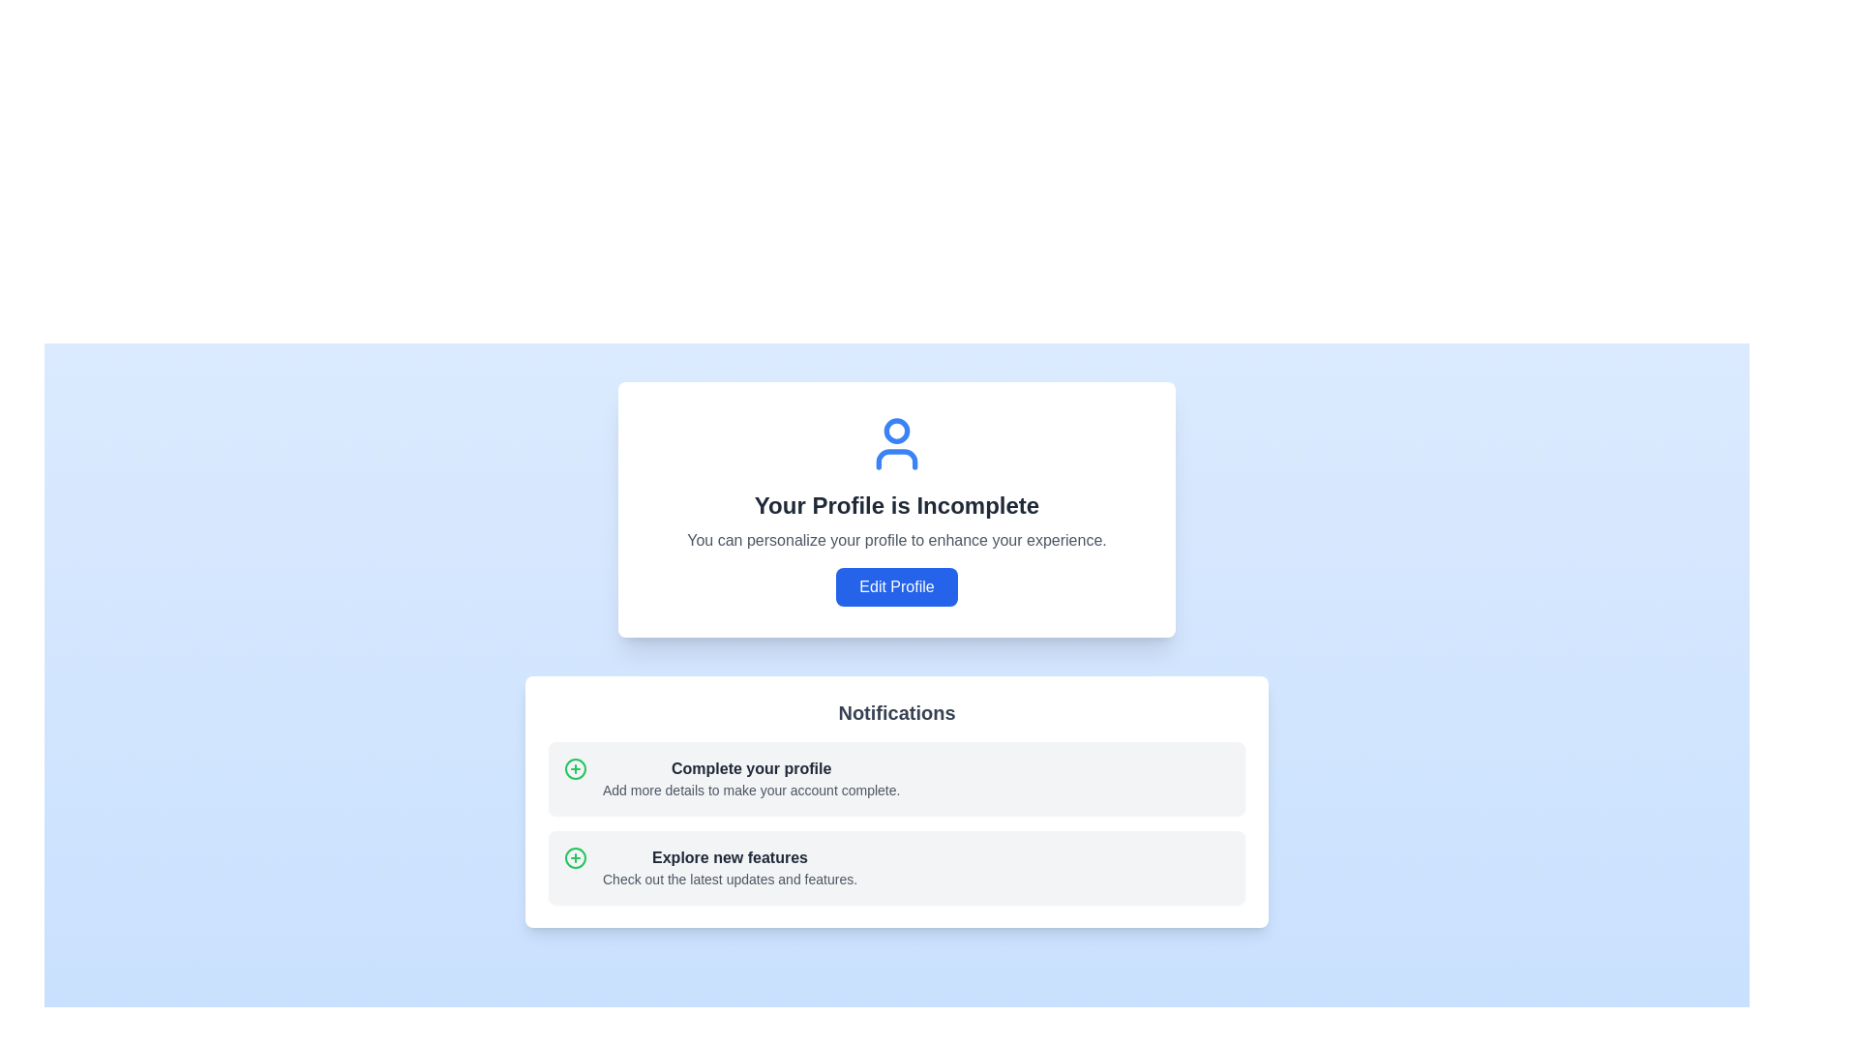 This screenshot has width=1858, height=1045. I want to click on the bold text label displaying 'Complete your profile' located in the 'Notifications' section, so click(750, 767).